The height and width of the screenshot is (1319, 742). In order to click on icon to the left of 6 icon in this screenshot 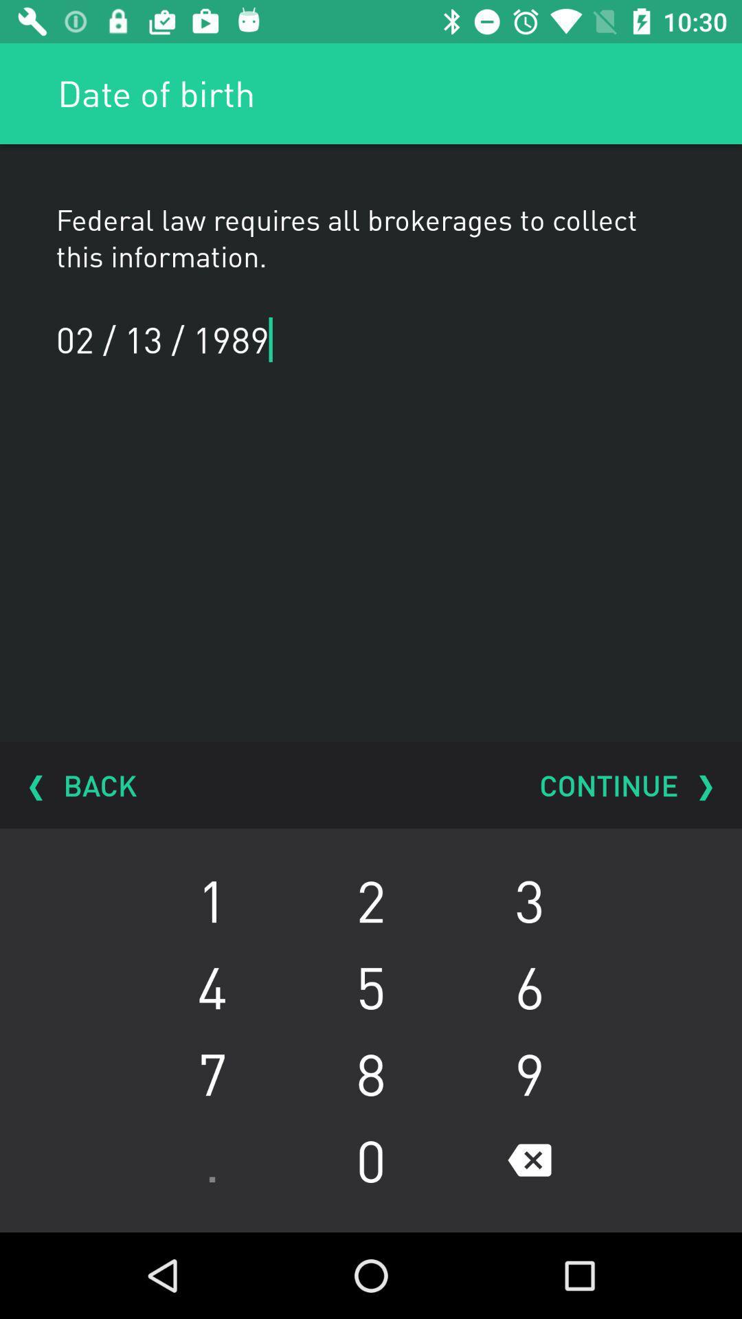, I will do `click(371, 1073)`.